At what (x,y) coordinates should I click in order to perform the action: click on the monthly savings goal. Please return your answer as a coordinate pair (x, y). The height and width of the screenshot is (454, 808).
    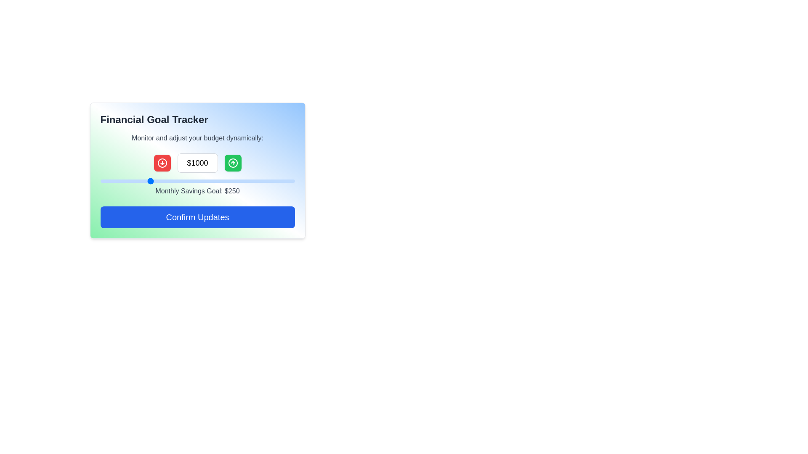
    Looking at the image, I should click on (271, 181).